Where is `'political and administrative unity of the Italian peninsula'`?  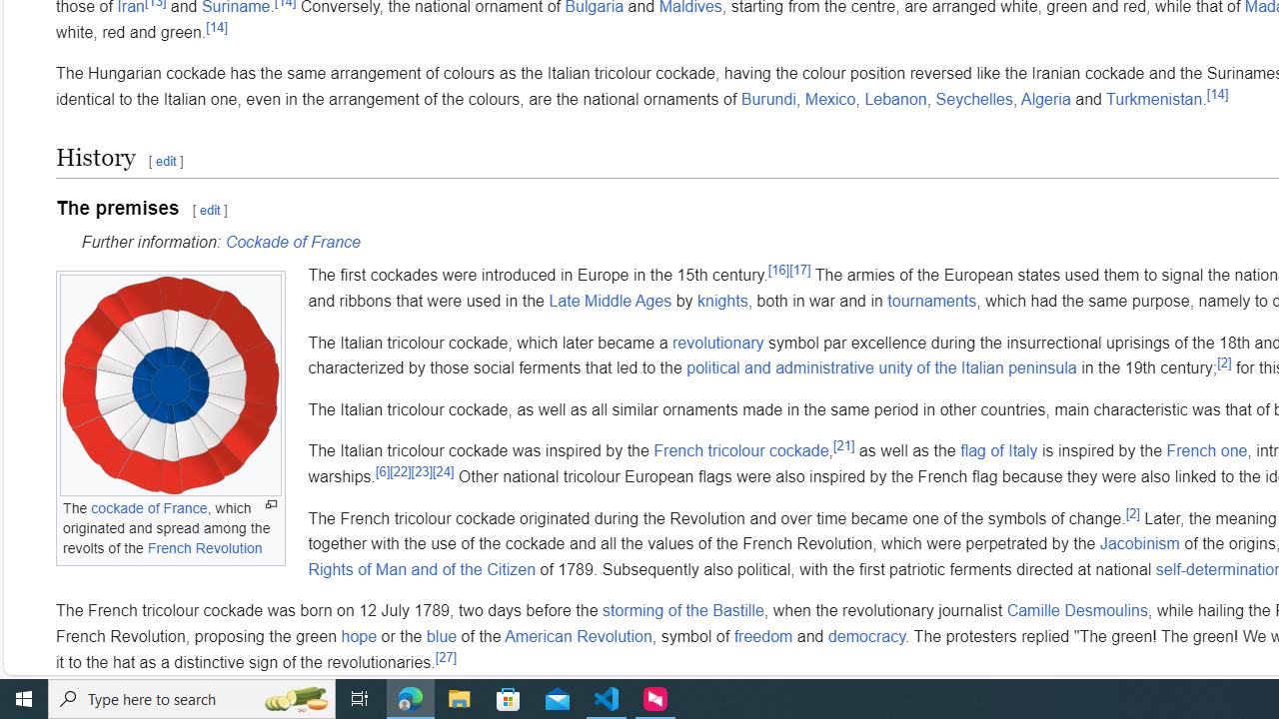 'political and administrative unity of the Italian peninsula' is located at coordinates (880, 367).